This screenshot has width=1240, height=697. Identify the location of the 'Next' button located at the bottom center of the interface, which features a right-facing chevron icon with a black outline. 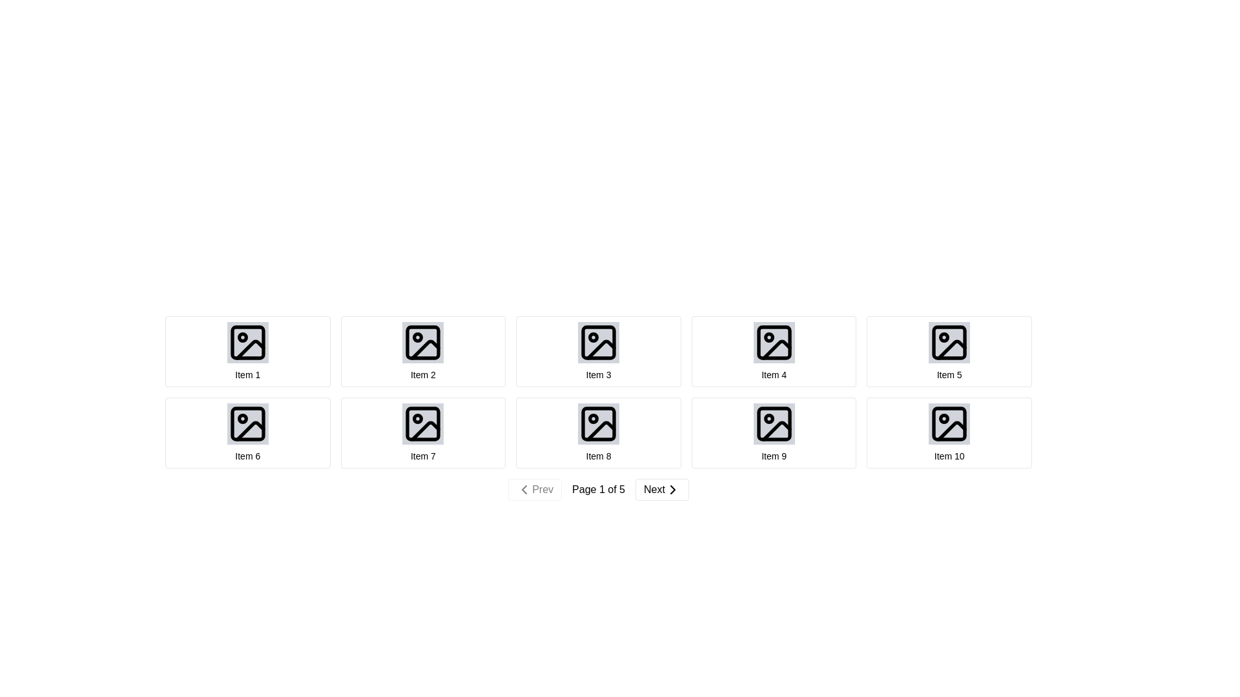
(672, 490).